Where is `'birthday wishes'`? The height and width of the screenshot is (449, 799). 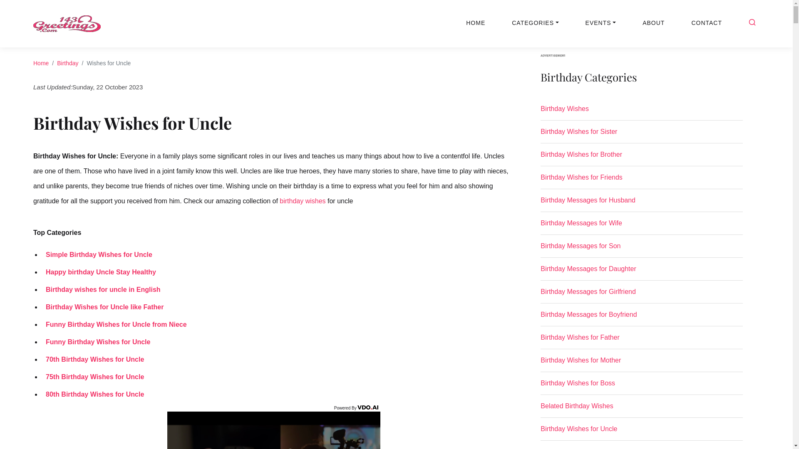 'birthday wishes' is located at coordinates (302, 200).